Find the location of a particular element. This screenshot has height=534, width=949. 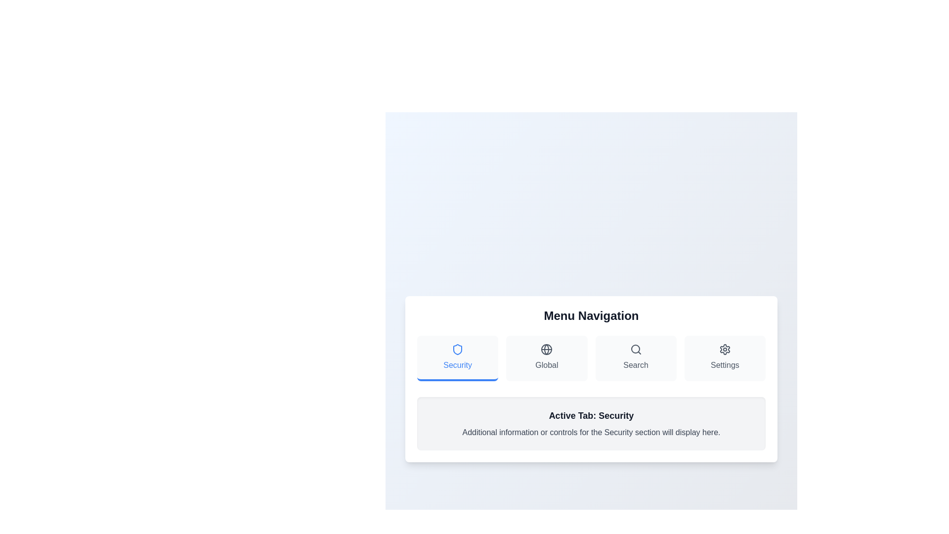

the Global tab by clicking on it is located at coordinates (546, 358).